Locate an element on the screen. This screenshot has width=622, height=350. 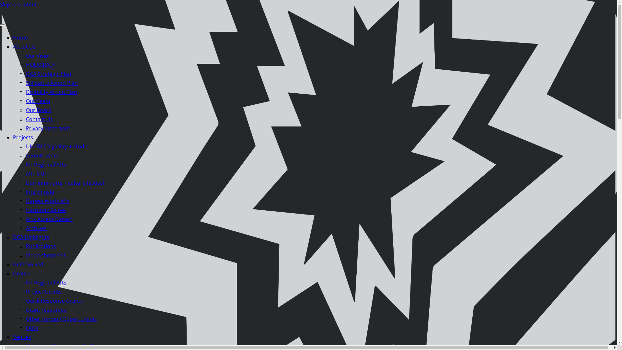
'FAQs' is located at coordinates (32, 328).